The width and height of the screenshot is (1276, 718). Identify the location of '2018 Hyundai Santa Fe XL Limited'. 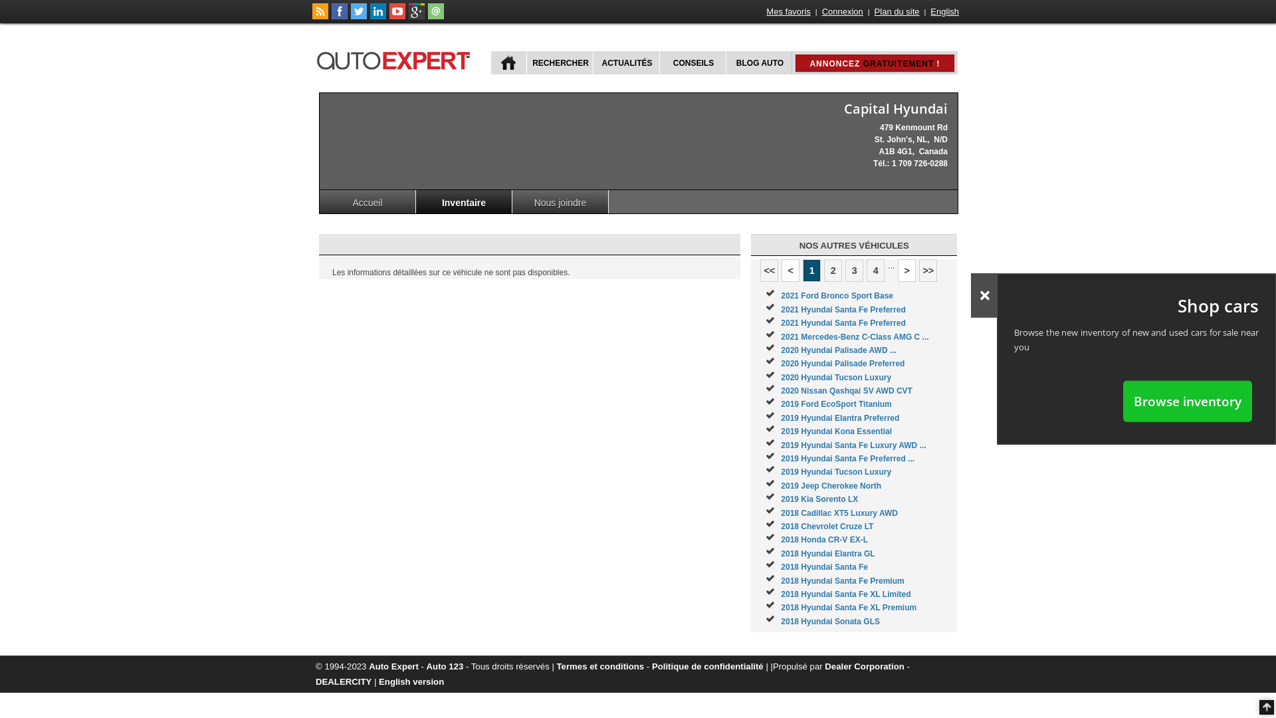
(845, 594).